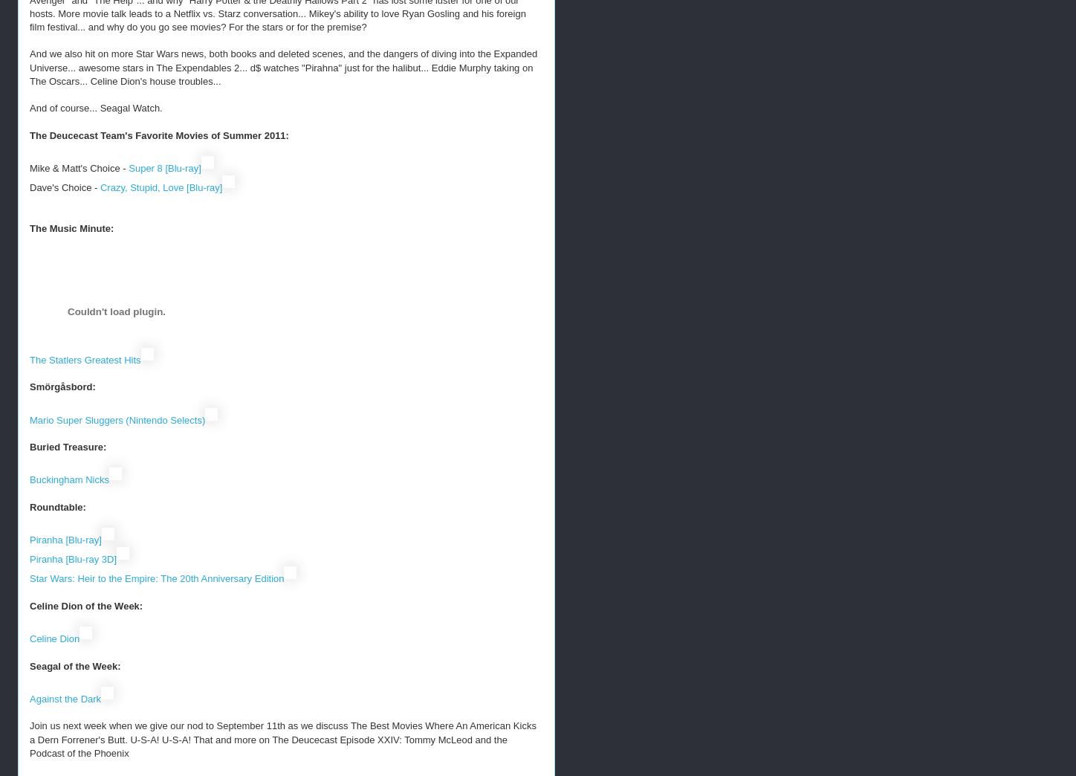 The width and height of the screenshot is (1076, 776). I want to click on 'Celine Dion of the Week:', so click(85, 604).